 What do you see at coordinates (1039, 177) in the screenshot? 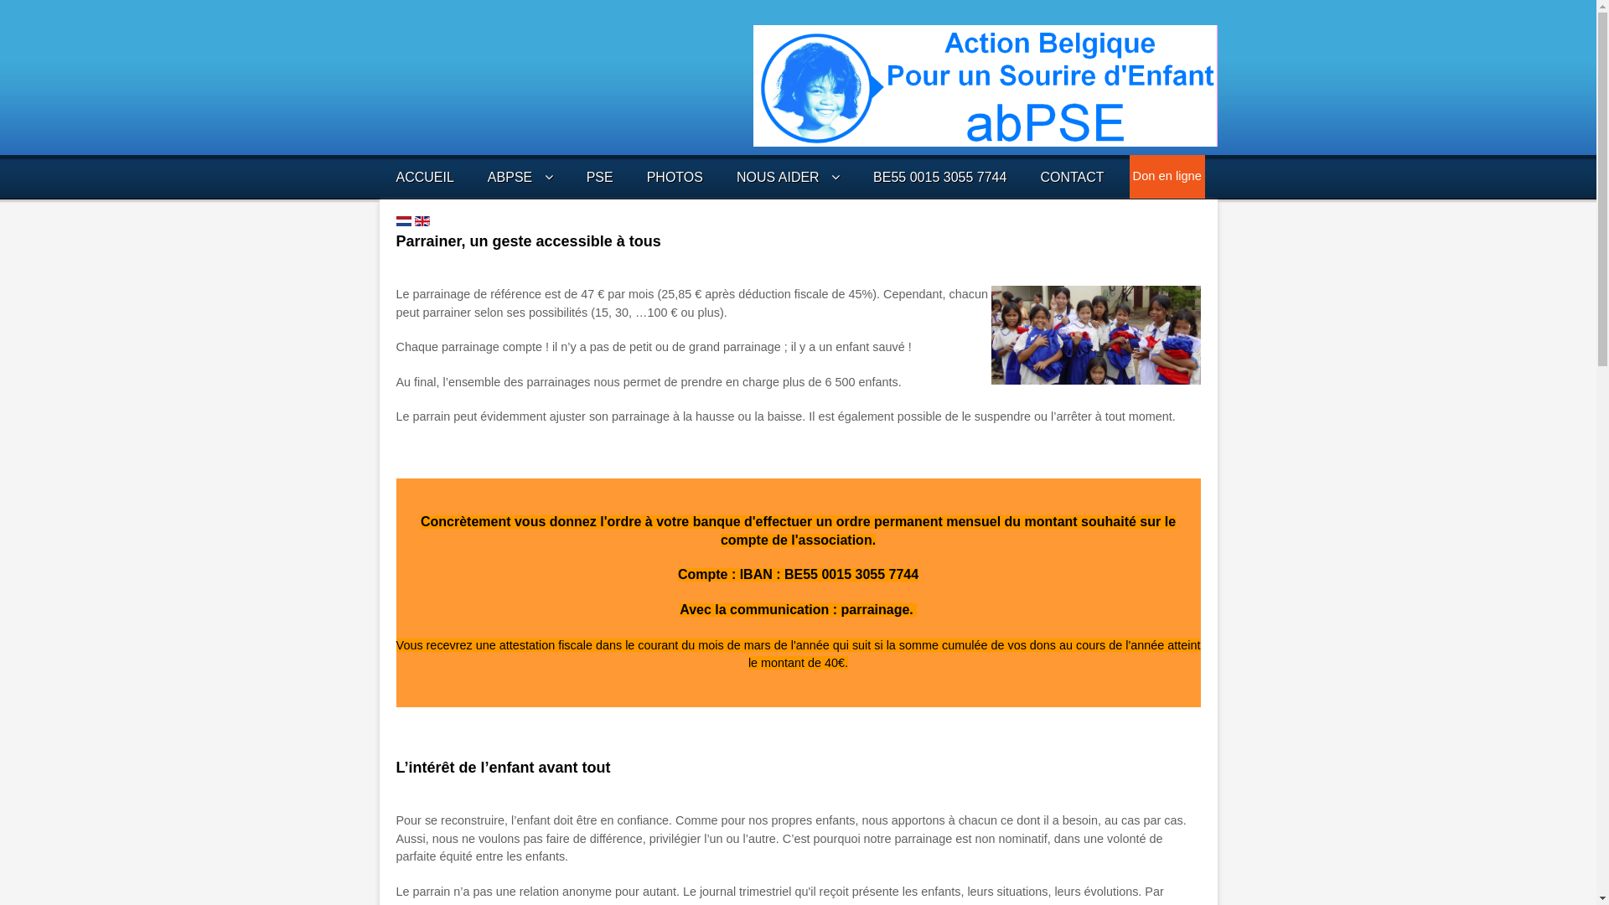
I see `'CONTACT'` at bounding box center [1039, 177].